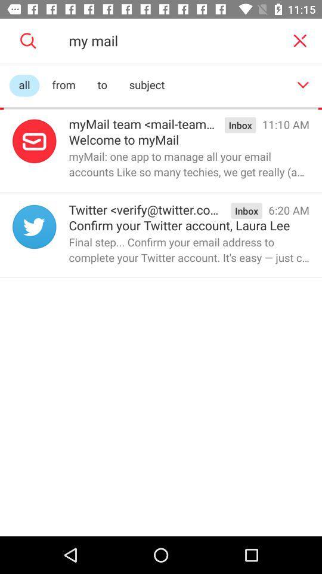  What do you see at coordinates (34, 141) in the screenshot?
I see `open email` at bounding box center [34, 141].